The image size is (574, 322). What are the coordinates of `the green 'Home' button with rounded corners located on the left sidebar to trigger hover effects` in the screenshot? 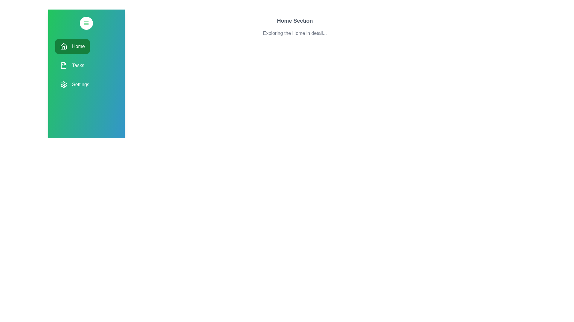 It's located at (72, 46).